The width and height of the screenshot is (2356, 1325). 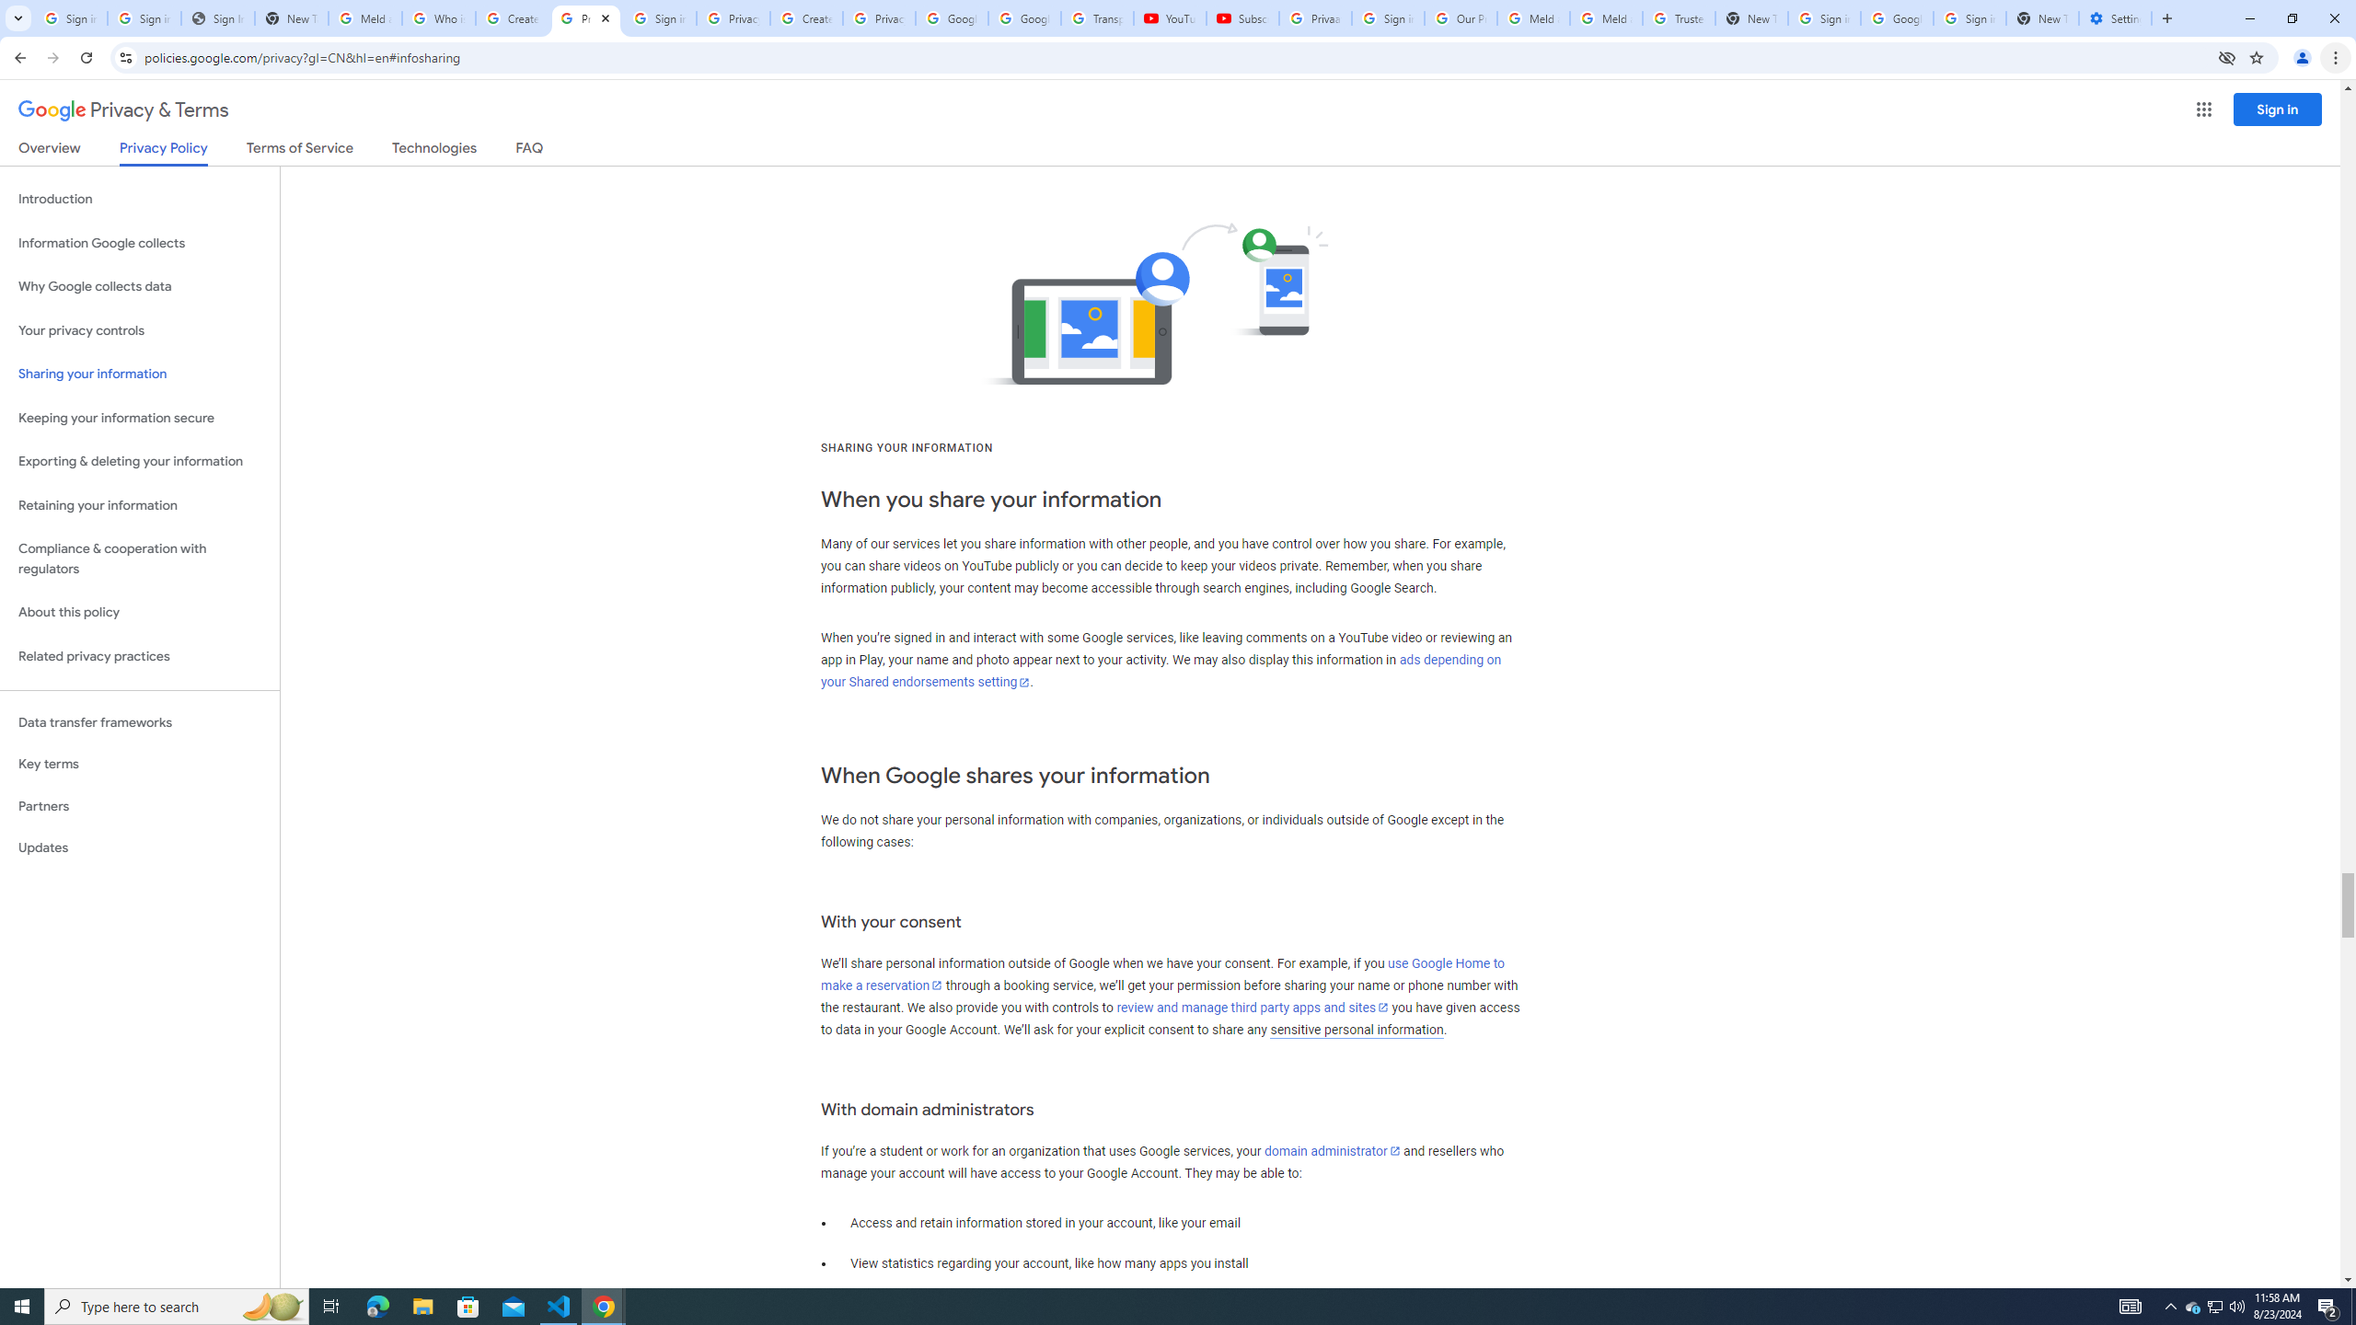 What do you see at coordinates (139, 722) in the screenshot?
I see `'Data transfer frameworks'` at bounding box center [139, 722].